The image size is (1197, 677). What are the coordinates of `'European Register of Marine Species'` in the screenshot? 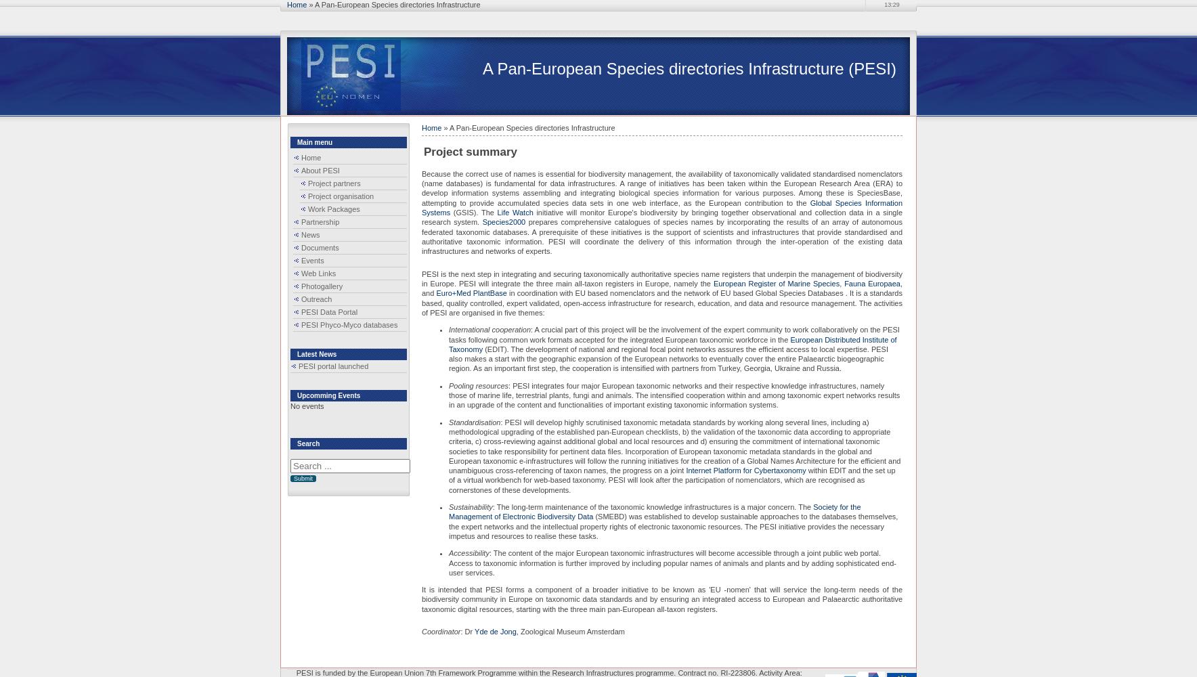 It's located at (776, 284).